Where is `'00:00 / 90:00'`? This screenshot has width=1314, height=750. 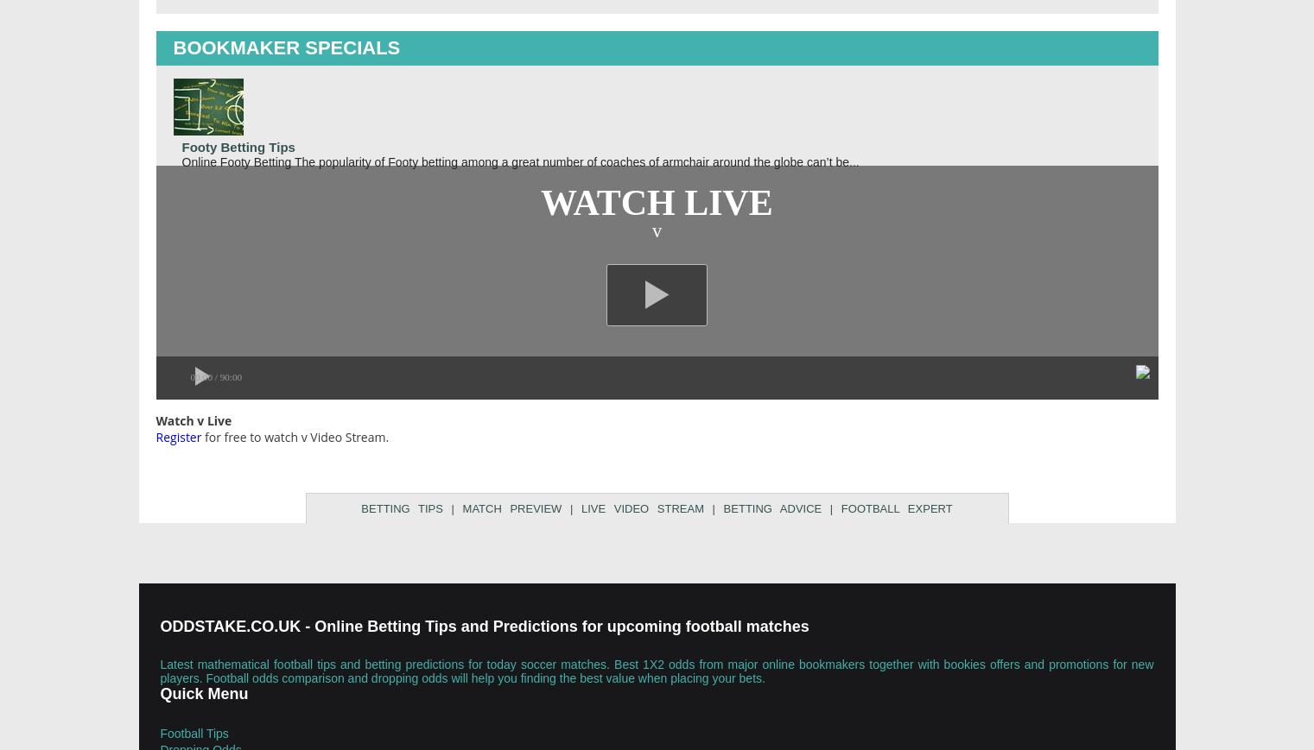
'00:00 / 90:00' is located at coordinates (215, 375).